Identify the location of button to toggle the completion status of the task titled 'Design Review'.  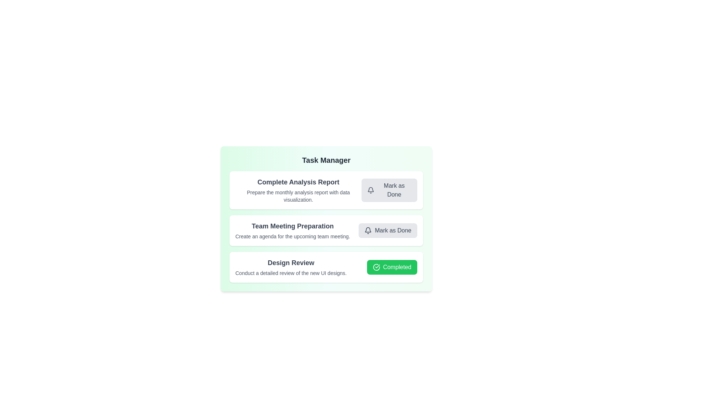
(392, 267).